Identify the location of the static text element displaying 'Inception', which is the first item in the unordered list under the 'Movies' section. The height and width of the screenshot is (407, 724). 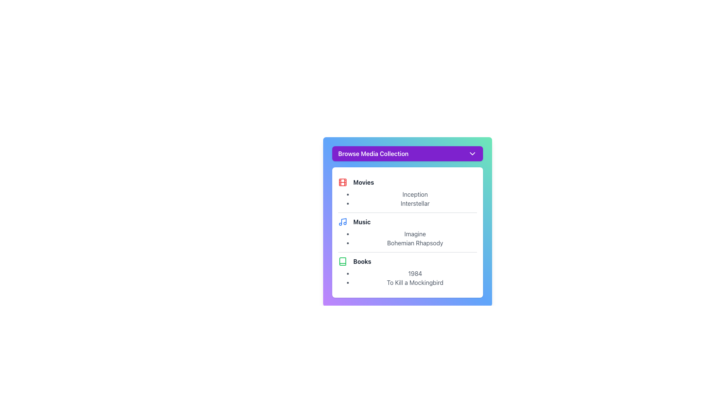
(414, 194).